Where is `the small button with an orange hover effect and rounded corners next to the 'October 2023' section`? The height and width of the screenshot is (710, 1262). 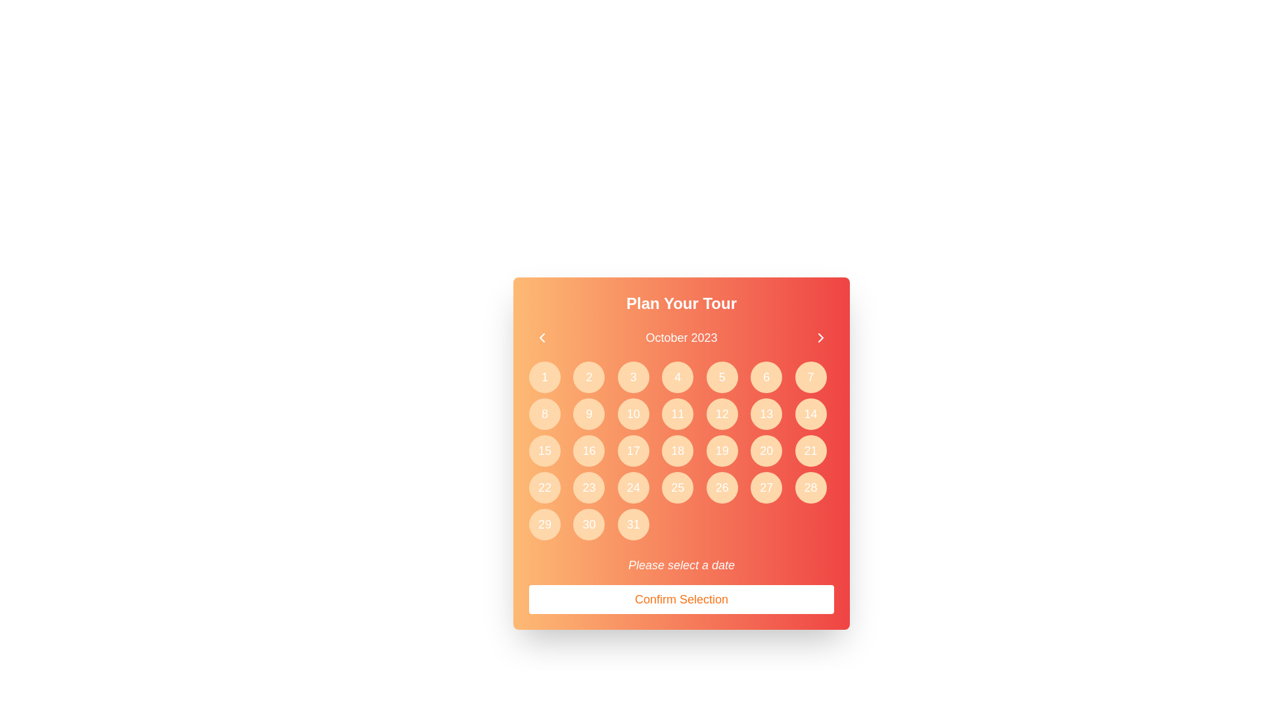 the small button with an orange hover effect and rounded corners next to the 'October 2023' section is located at coordinates (820, 337).